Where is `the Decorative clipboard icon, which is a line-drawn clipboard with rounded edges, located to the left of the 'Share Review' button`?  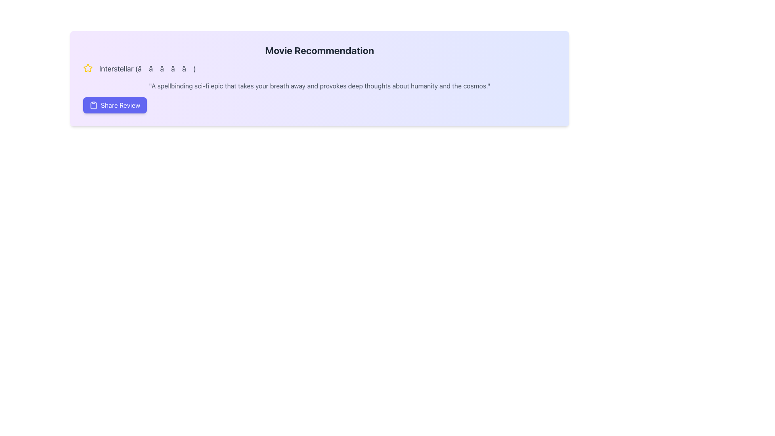 the Decorative clipboard icon, which is a line-drawn clipboard with rounded edges, located to the left of the 'Share Review' button is located at coordinates (93, 105).